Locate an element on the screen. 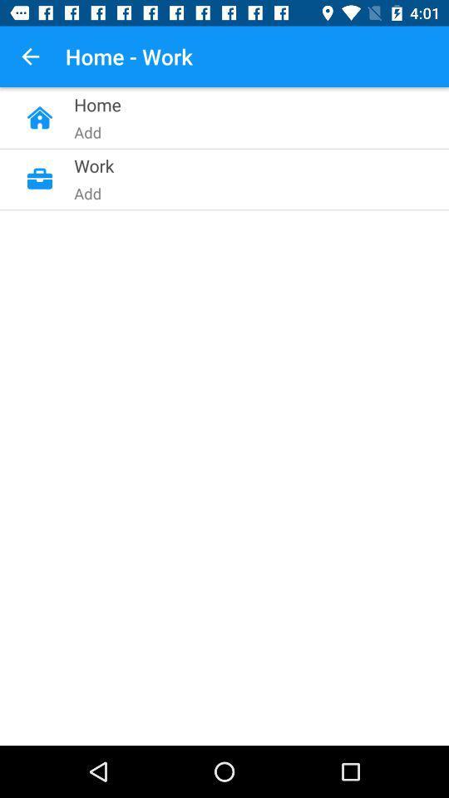  add which is below work is located at coordinates (188, 314).